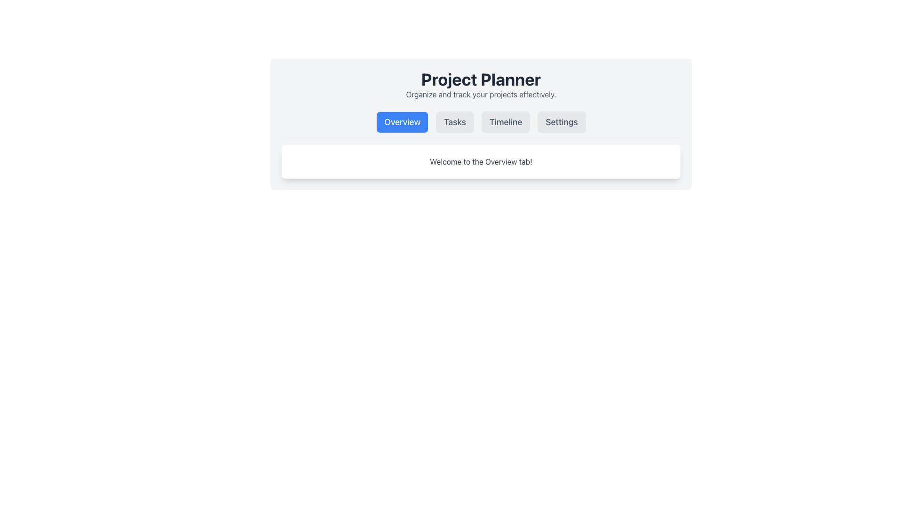 Image resolution: width=903 pixels, height=508 pixels. I want to click on informational message displayed in the static text label located below the navigation bar in the 'Overview' tab, so click(481, 161).